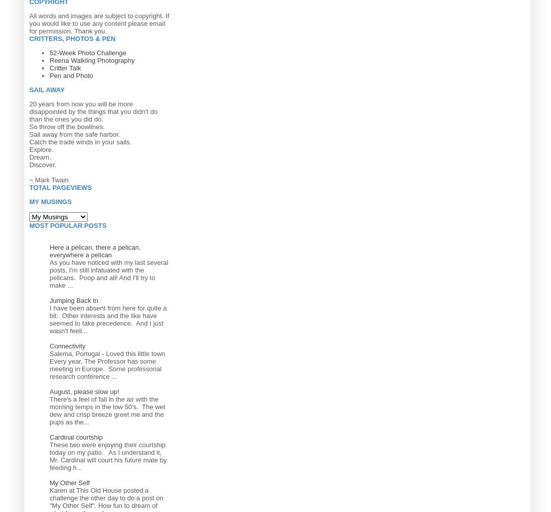  Describe the element at coordinates (87, 52) in the screenshot. I see `'52-Week Photo Challenge'` at that location.